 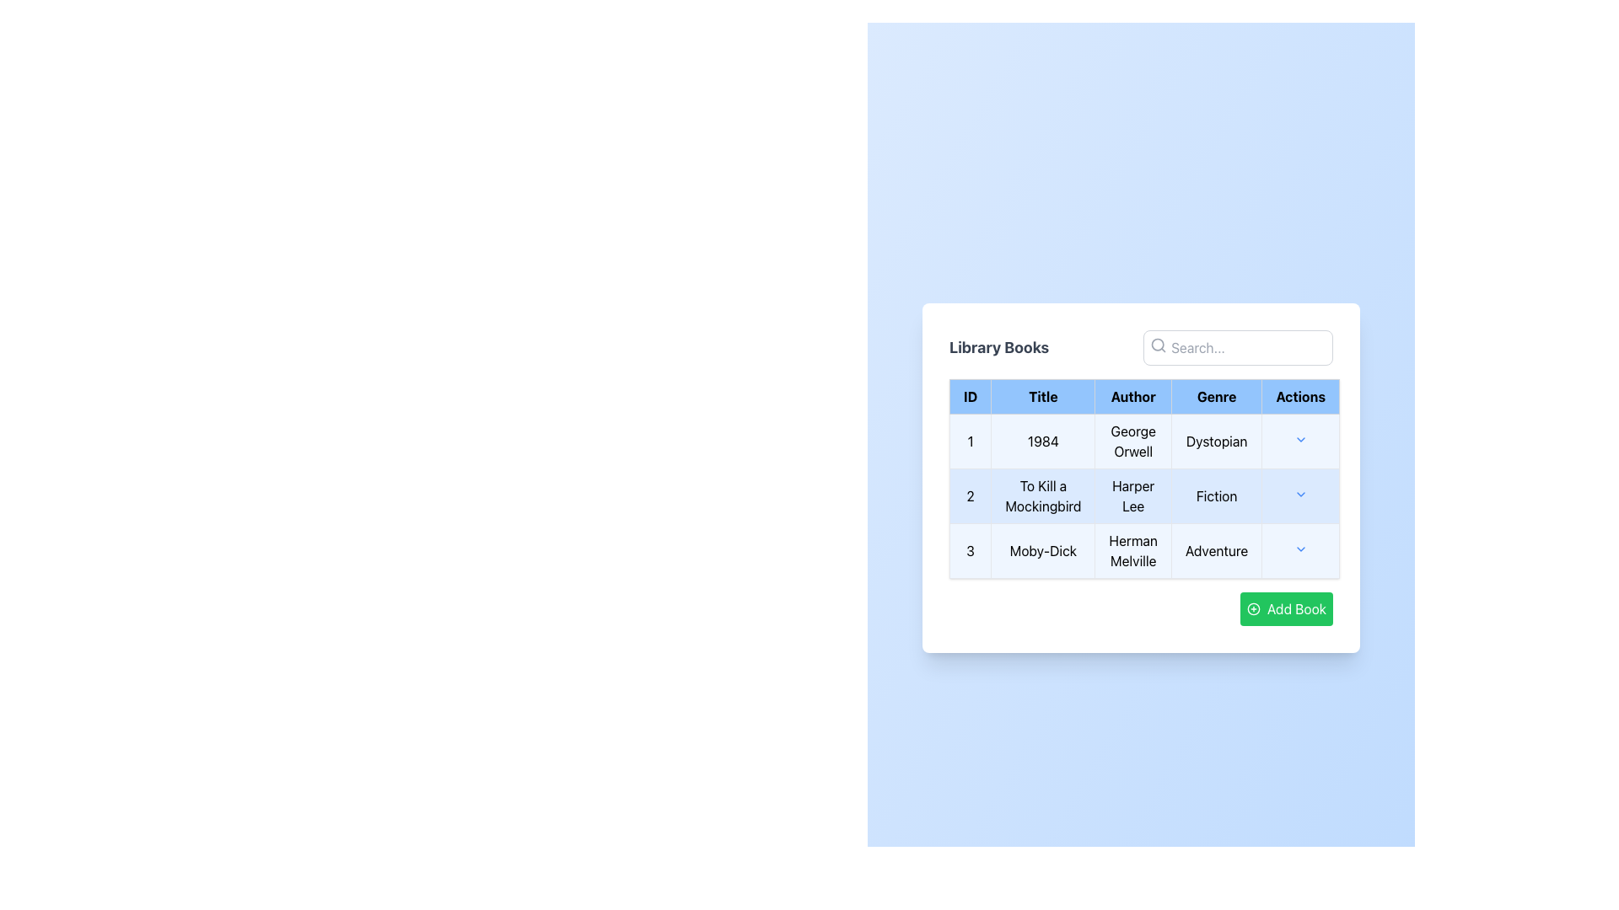 I want to click on the rightmost column header in the table that serves as a label for the actions or interactive elements associated with each row, following the 'Genre' column header, so click(x=1299, y=396).